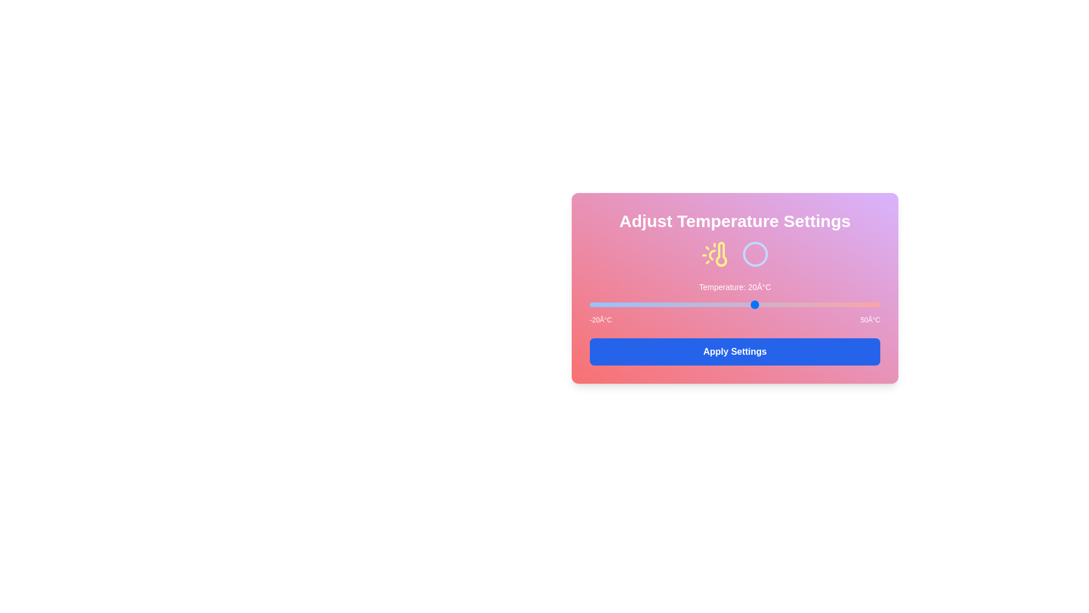  Describe the element at coordinates (735, 351) in the screenshot. I see `'Apply Settings' button` at that location.